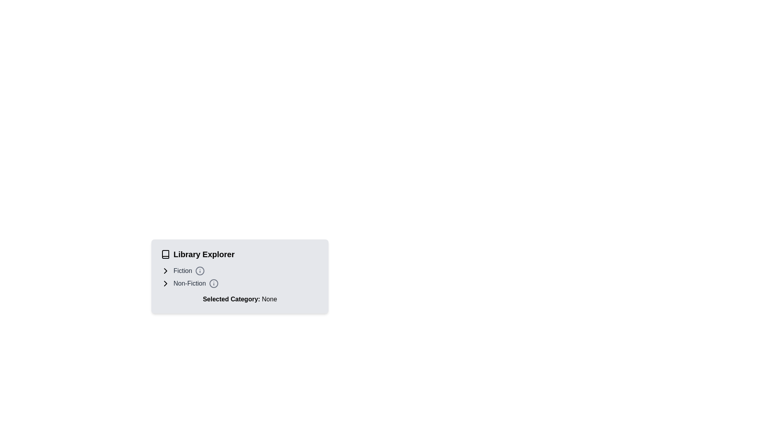 This screenshot has height=426, width=759. What do you see at coordinates (200, 270) in the screenshot?
I see `the informative icon located immediately to the right of the 'Fiction' label in the 'Library Explorer' section` at bounding box center [200, 270].